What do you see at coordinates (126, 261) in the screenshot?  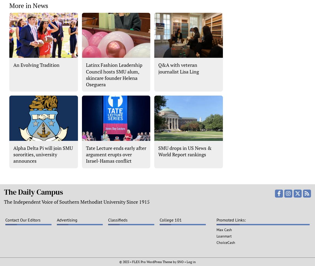 I see `'© 2023  •'` at bounding box center [126, 261].